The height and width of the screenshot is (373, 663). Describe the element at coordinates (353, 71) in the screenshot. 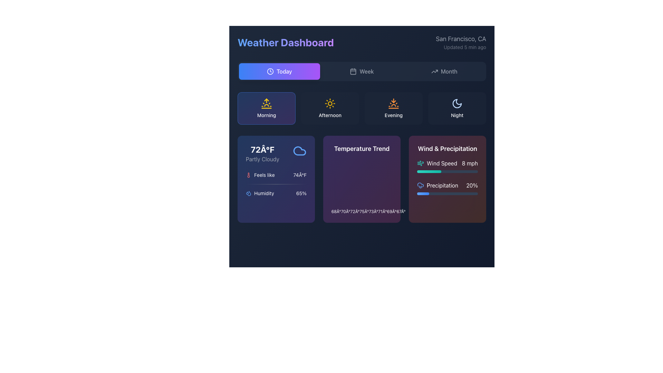

I see `the background decorative part of the calendar icon located in the header of the UI, which serves as the main body of the calendar section` at that location.